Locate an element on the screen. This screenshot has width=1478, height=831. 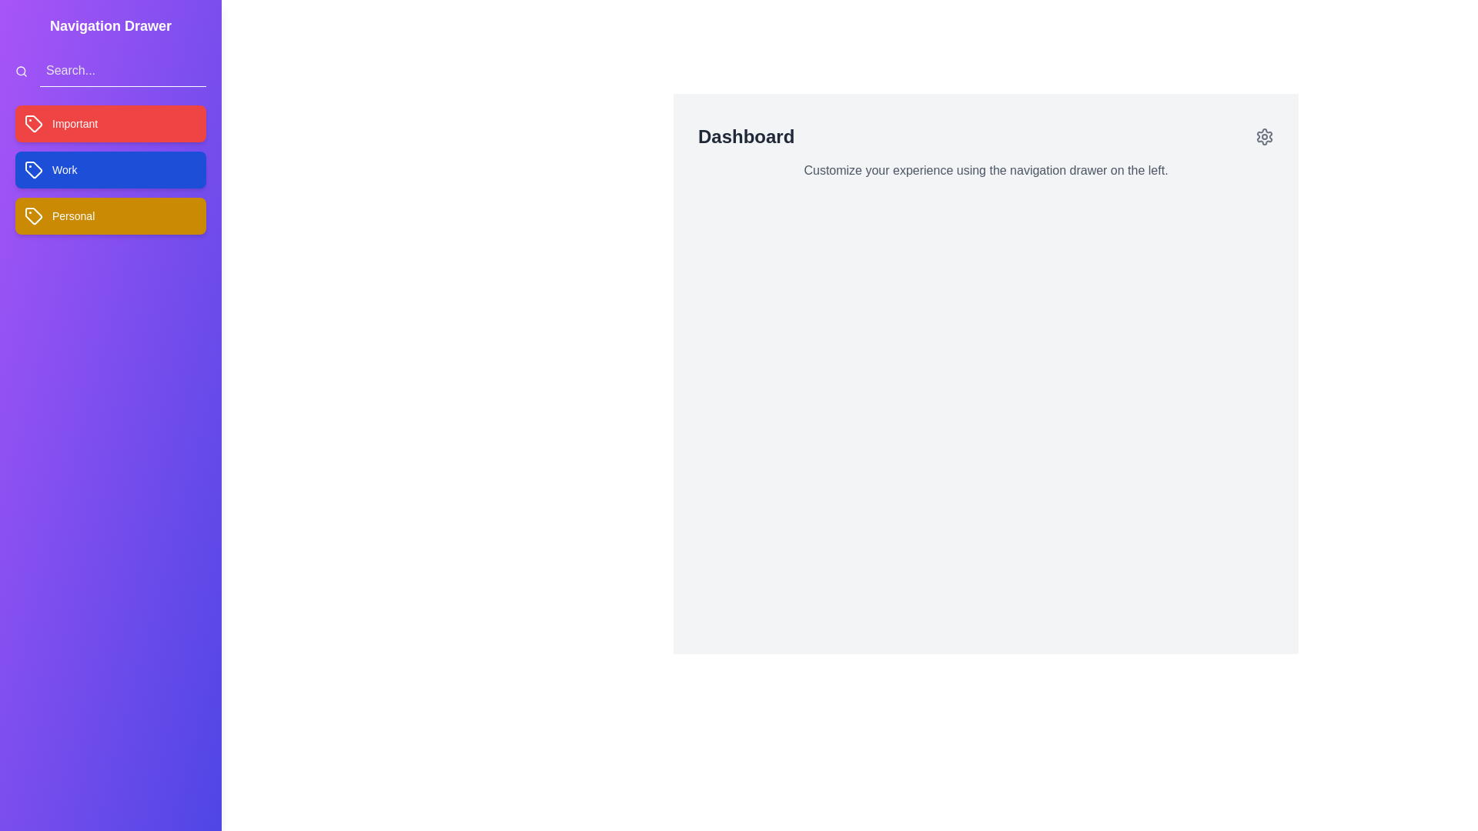
the tag labeled Important is located at coordinates (110, 123).